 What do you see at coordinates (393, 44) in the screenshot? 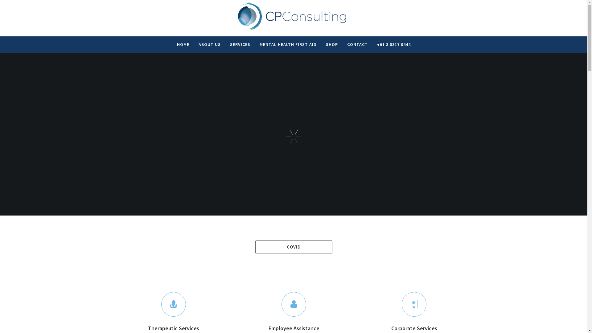
I see `'+61 3 8317 0444'` at bounding box center [393, 44].